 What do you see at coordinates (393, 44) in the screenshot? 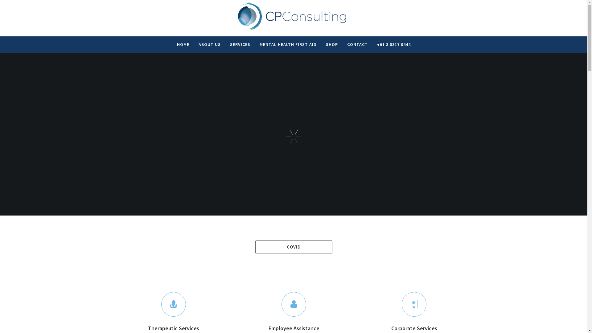
I see `'+61 3 8317 0444'` at bounding box center [393, 44].